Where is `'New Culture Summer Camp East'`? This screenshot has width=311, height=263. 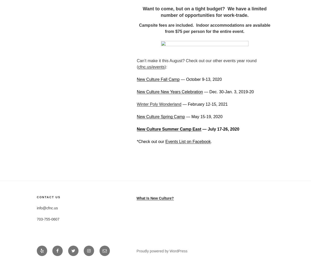
'New Culture Summer Camp East' is located at coordinates (169, 129).